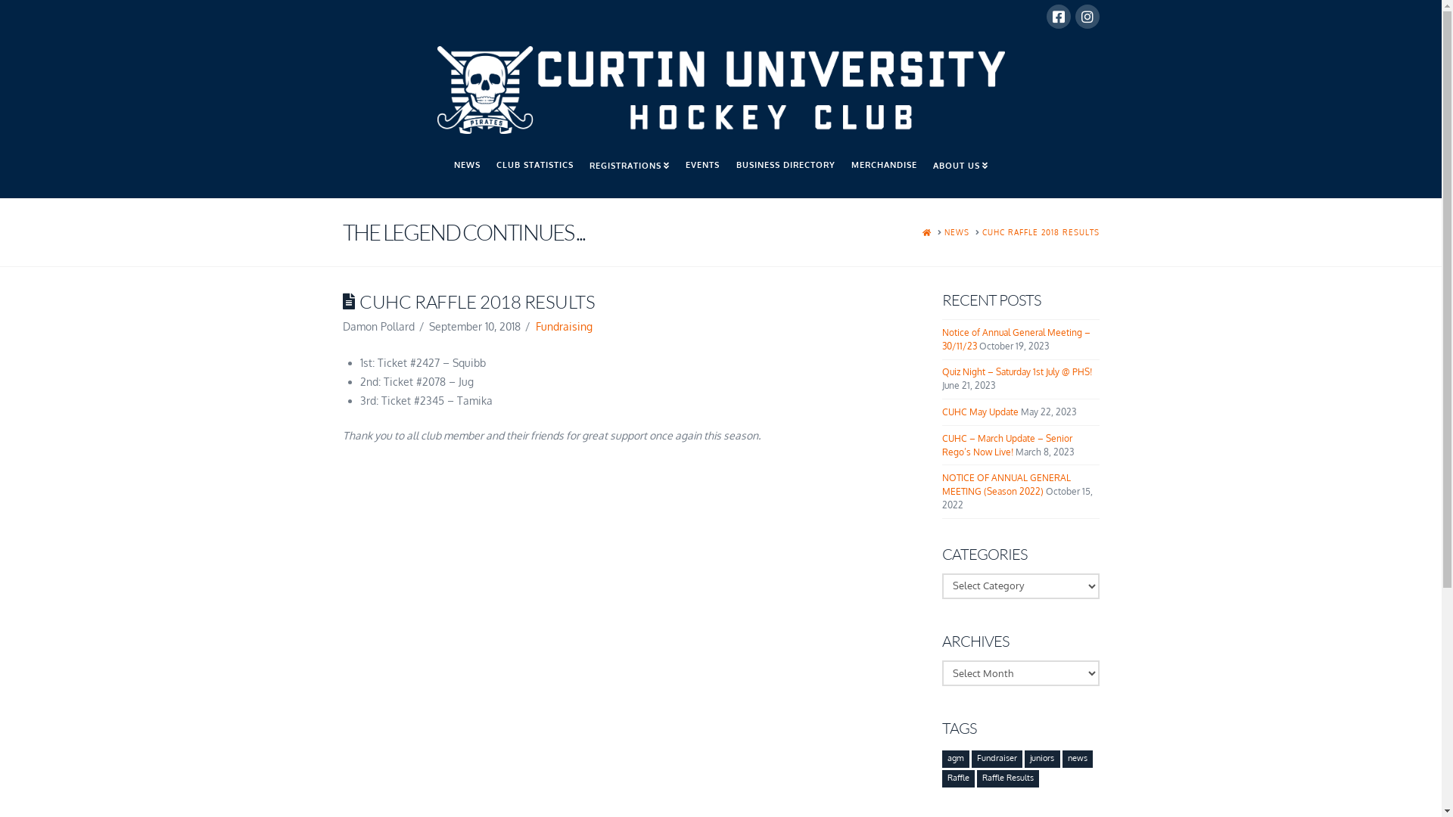  What do you see at coordinates (926, 232) in the screenshot?
I see `'HOME'` at bounding box center [926, 232].